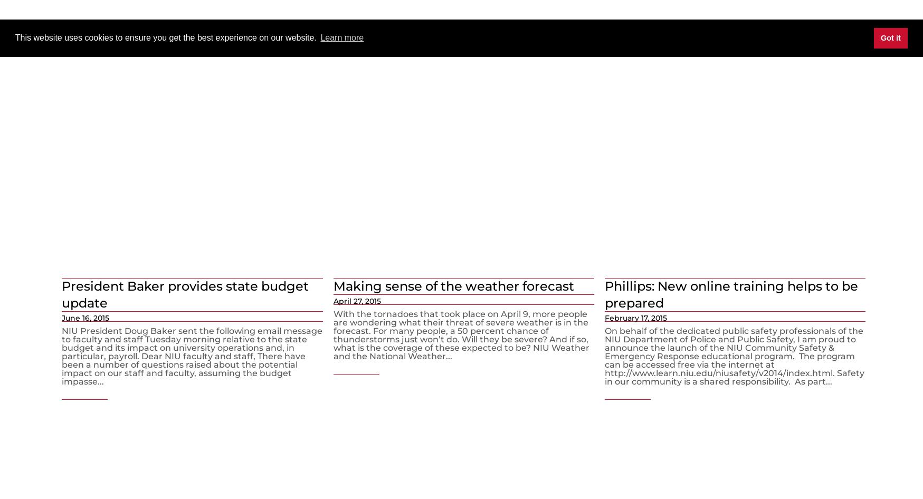 The image size is (923, 499). Describe the element at coordinates (185, 294) in the screenshot. I see `'President Baker provides state budget update'` at that location.